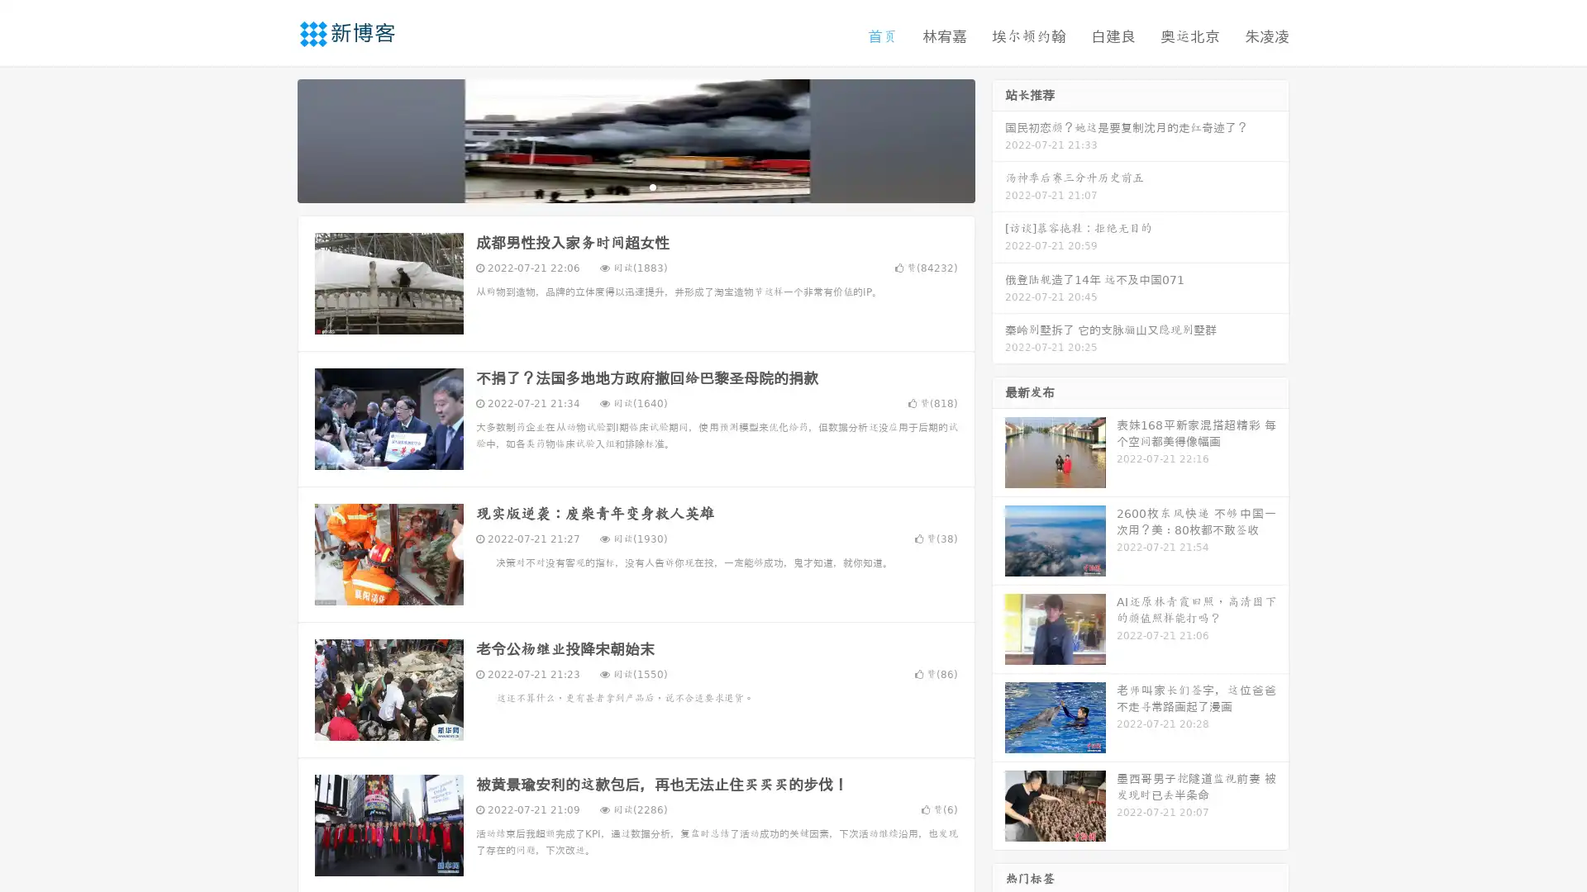 The image size is (1587, 892). What do you see at coordinates (635, 186) in the screenshot?
I see `Go to slide 2` at bounding box center [635, 186].